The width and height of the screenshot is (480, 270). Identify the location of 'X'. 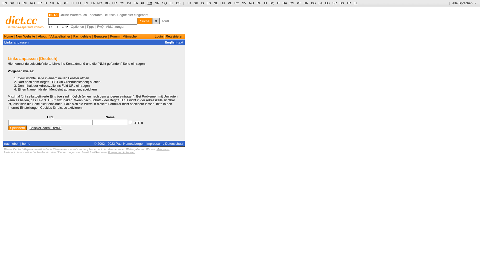
(156, 21).